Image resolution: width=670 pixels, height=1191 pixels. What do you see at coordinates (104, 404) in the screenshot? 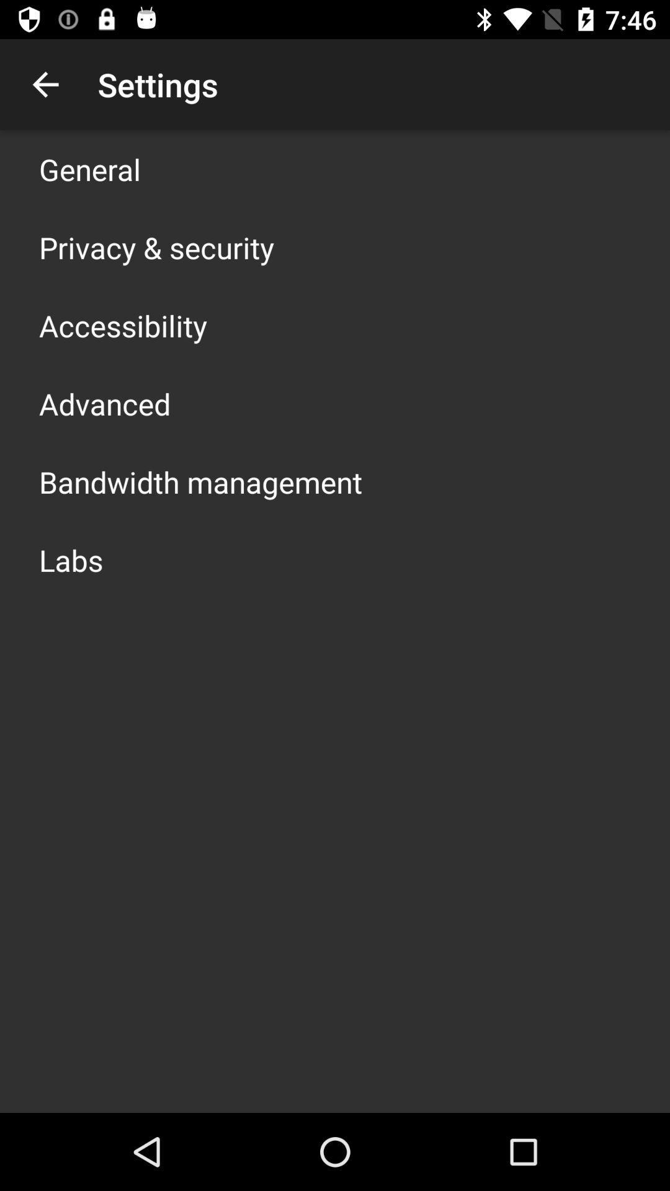
I see `the item below accessibility item` at bounding box center [104, 404].